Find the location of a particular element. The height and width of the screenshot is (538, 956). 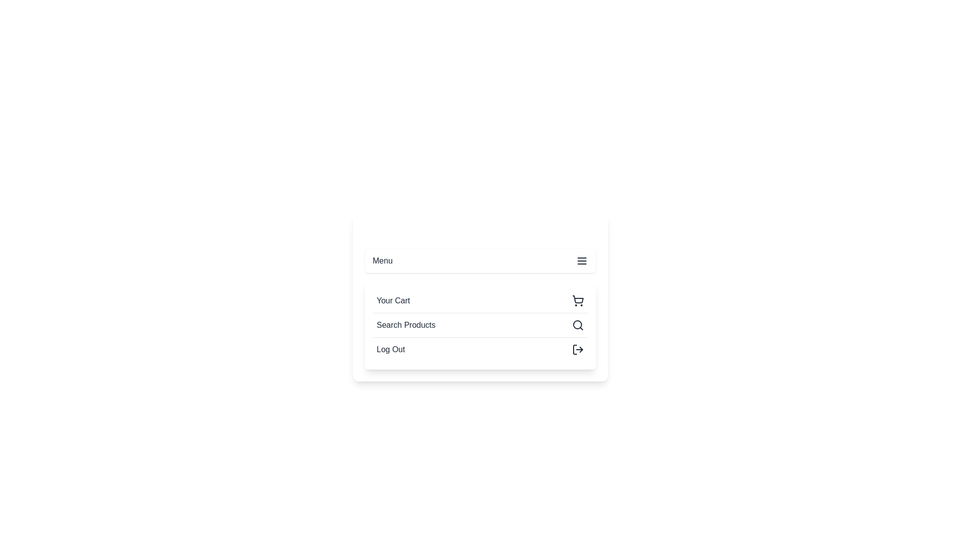

the shopping cart icon located in the top-right corner of the menu component, which is the largest sub-element in the SVG is located at coordinates (578, 299).